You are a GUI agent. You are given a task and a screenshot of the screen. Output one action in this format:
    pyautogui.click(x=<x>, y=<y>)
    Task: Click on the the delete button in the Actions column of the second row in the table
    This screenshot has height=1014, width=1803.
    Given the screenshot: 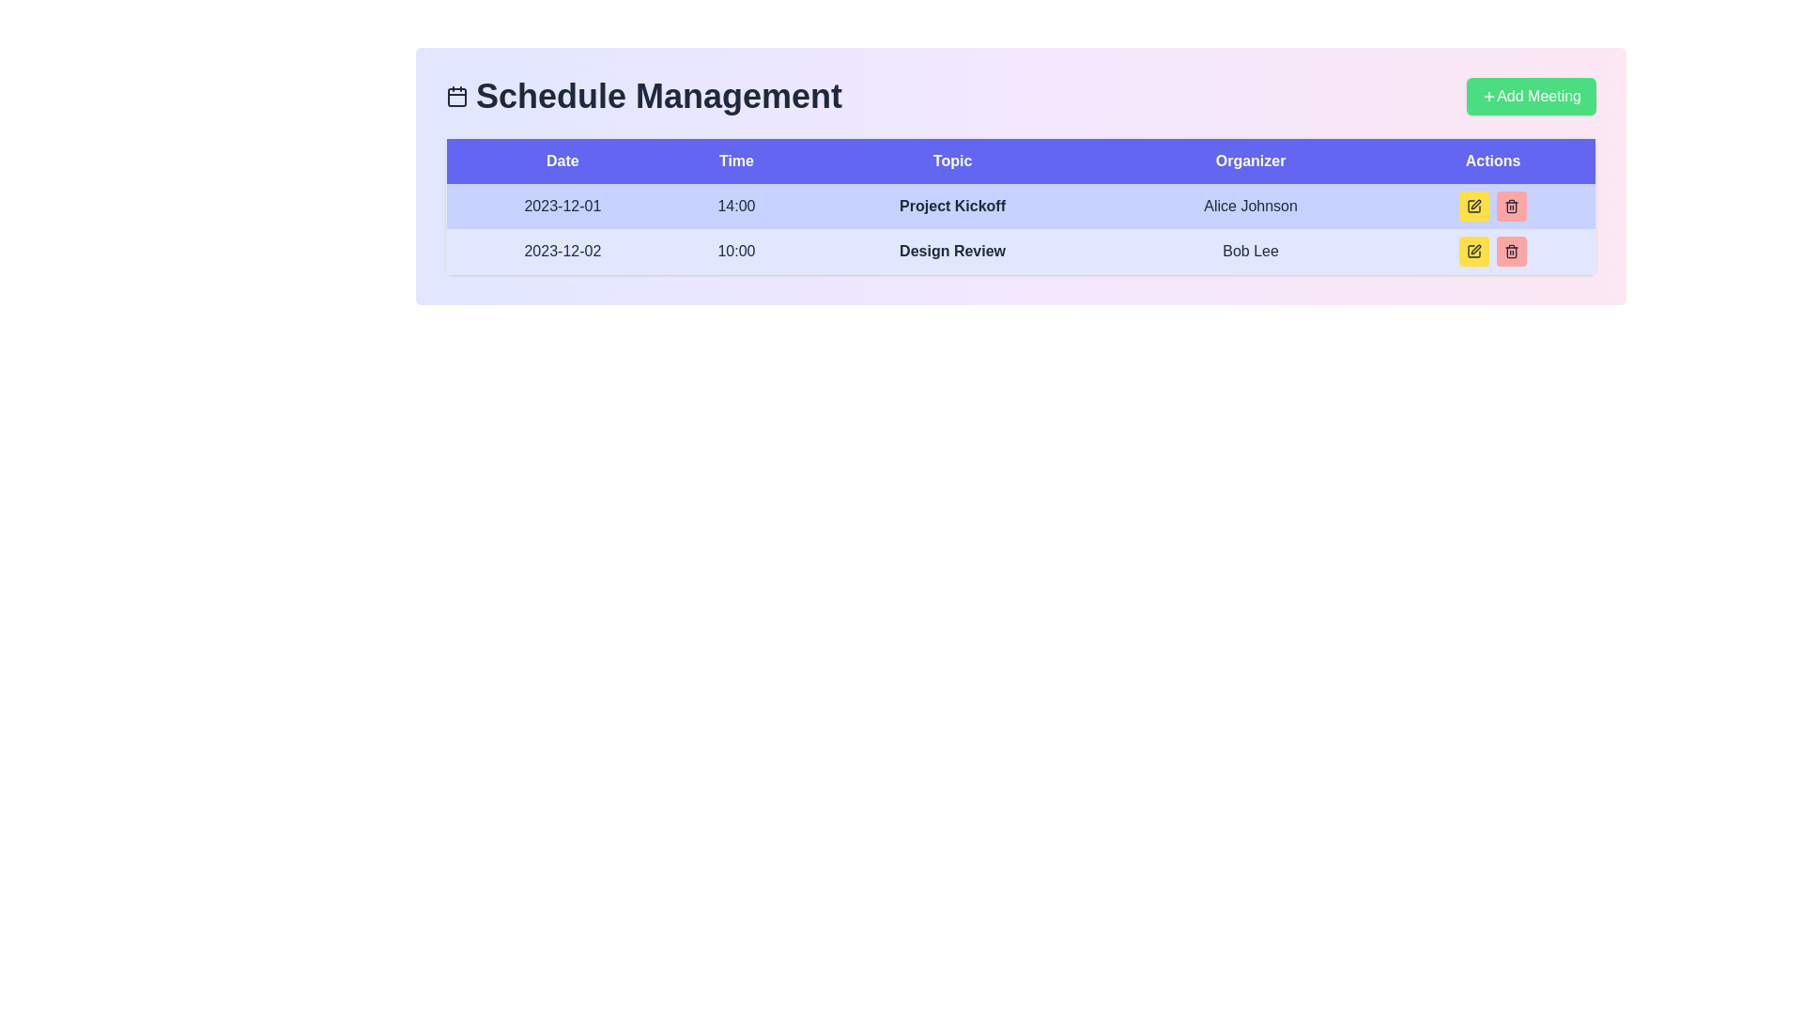 What is the action you would take?
    pyautogui.click(x=1512, y=250)
    